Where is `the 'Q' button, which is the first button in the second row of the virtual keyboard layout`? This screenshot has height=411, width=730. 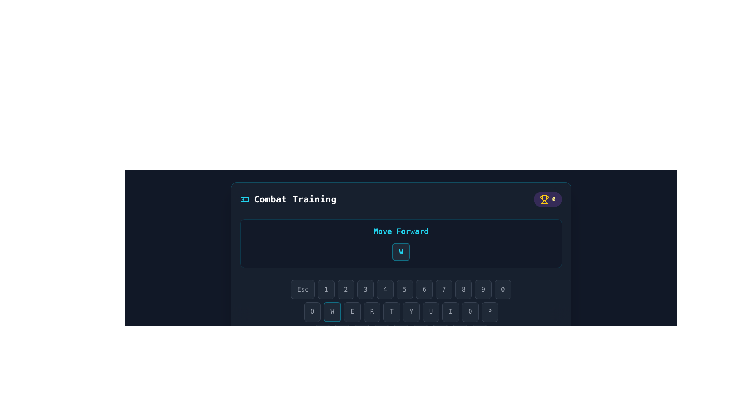
the 'Q' button, which is the first button in the second row of the virtual keyboard layout is located at coordinates (312, 312).